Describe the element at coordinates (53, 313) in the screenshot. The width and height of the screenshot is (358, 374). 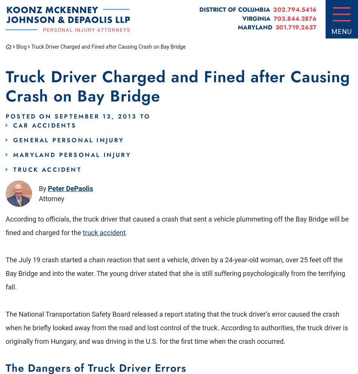
I see `'Personal Injury Attorneys'` at that location.